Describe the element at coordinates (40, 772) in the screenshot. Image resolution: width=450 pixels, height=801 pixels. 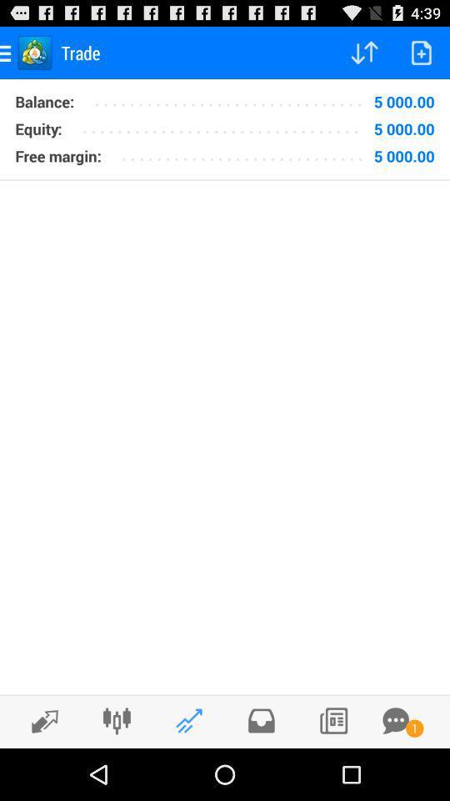
I see `the edit icon` at that location.